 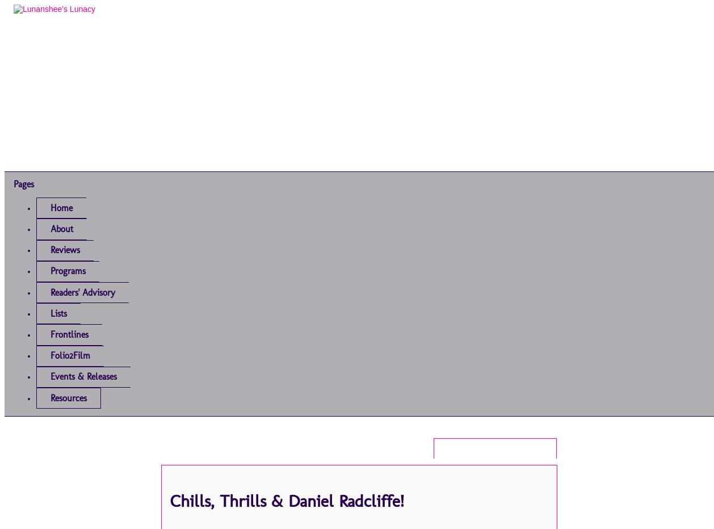 I want to click on 'Folio2Film', so click(x=70, y=355).